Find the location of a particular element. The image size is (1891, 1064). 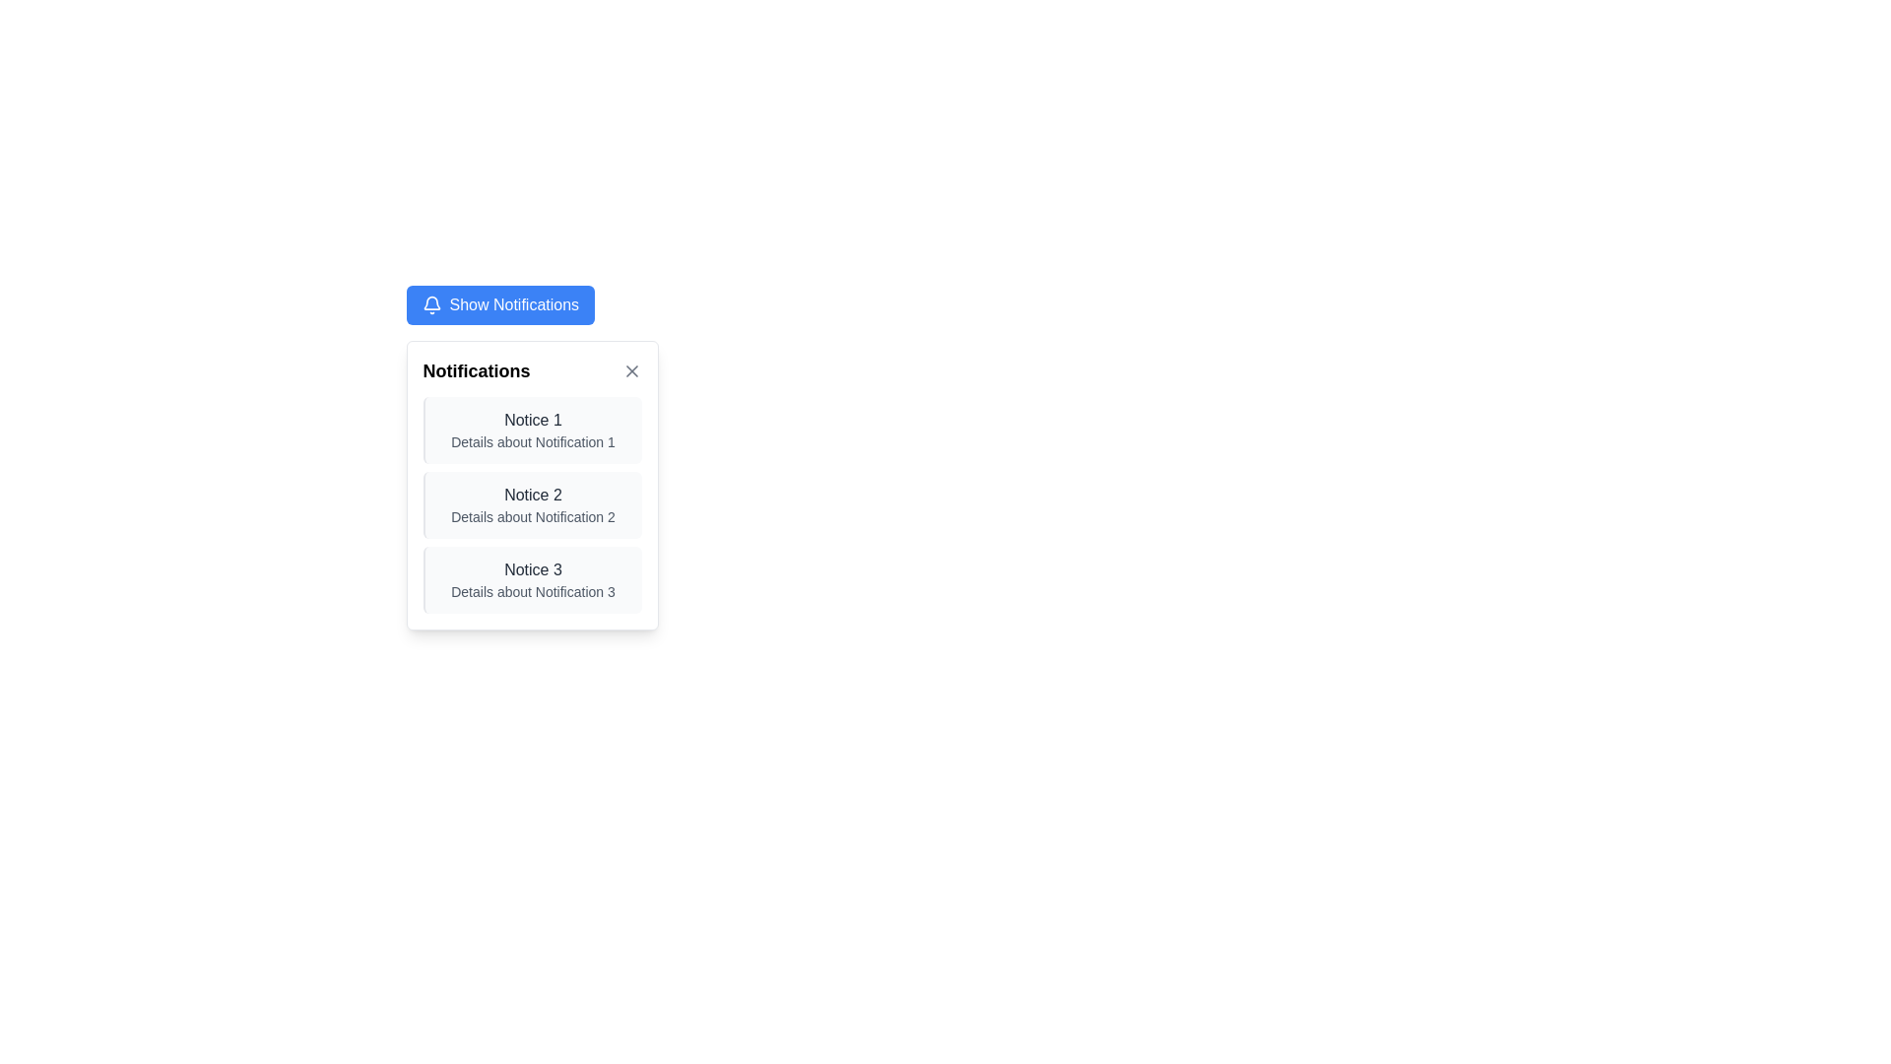

the Notification card labeled 'Notice 3', which is the third card in a vertically stacked list of notifications is located at coordinates (532, 579).